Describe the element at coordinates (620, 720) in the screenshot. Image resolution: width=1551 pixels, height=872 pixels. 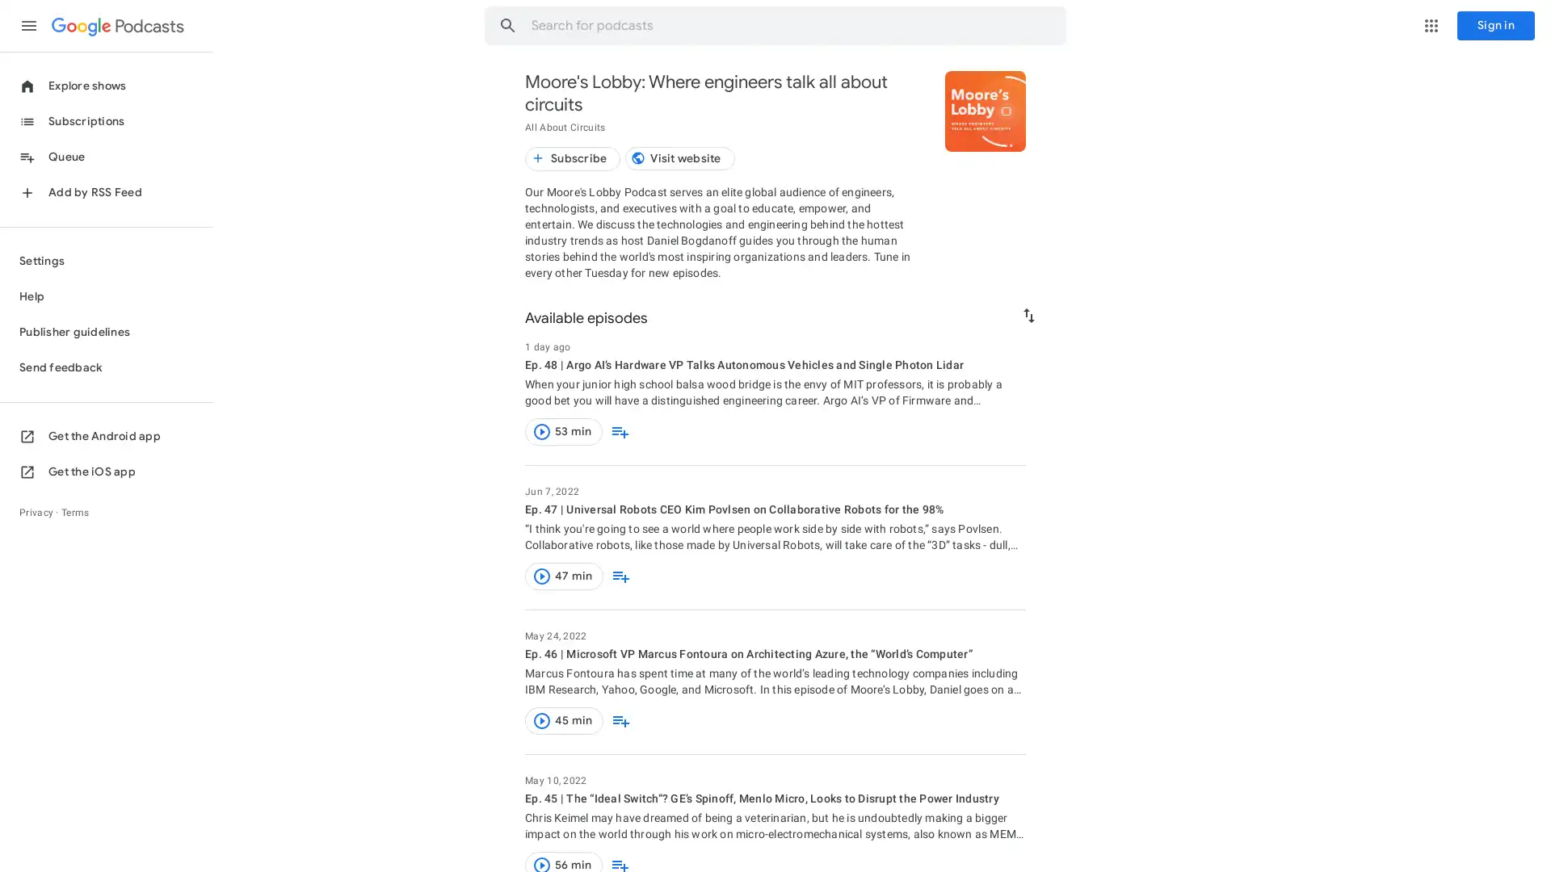
I see `Add to queue` at that location.